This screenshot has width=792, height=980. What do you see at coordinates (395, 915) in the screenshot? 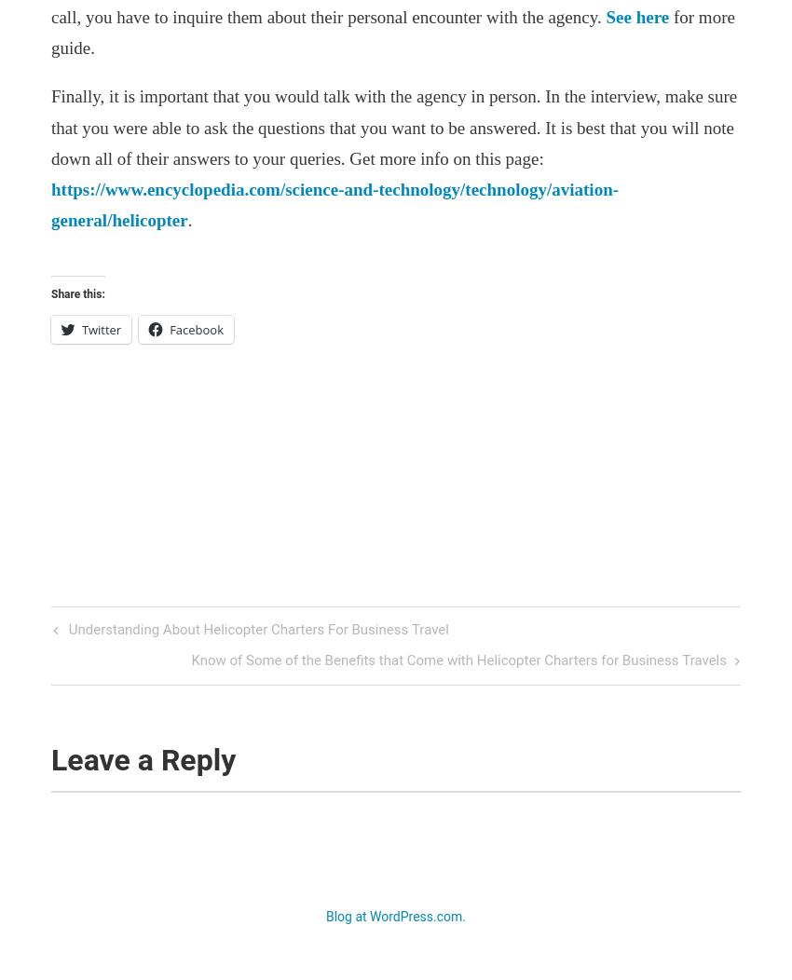
I see `'Blog at WordPress.com.'` at bounding box center [395, 915].